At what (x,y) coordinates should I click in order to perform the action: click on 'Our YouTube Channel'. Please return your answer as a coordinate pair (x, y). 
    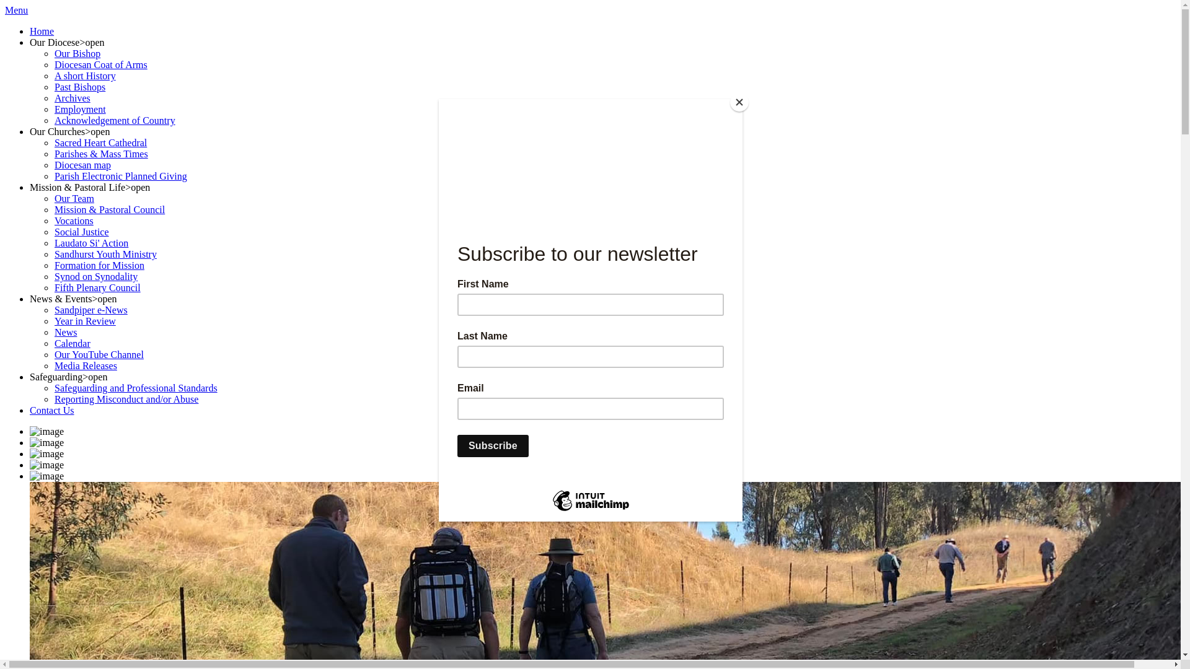
    Looking at the image, I should click on (98, 354).